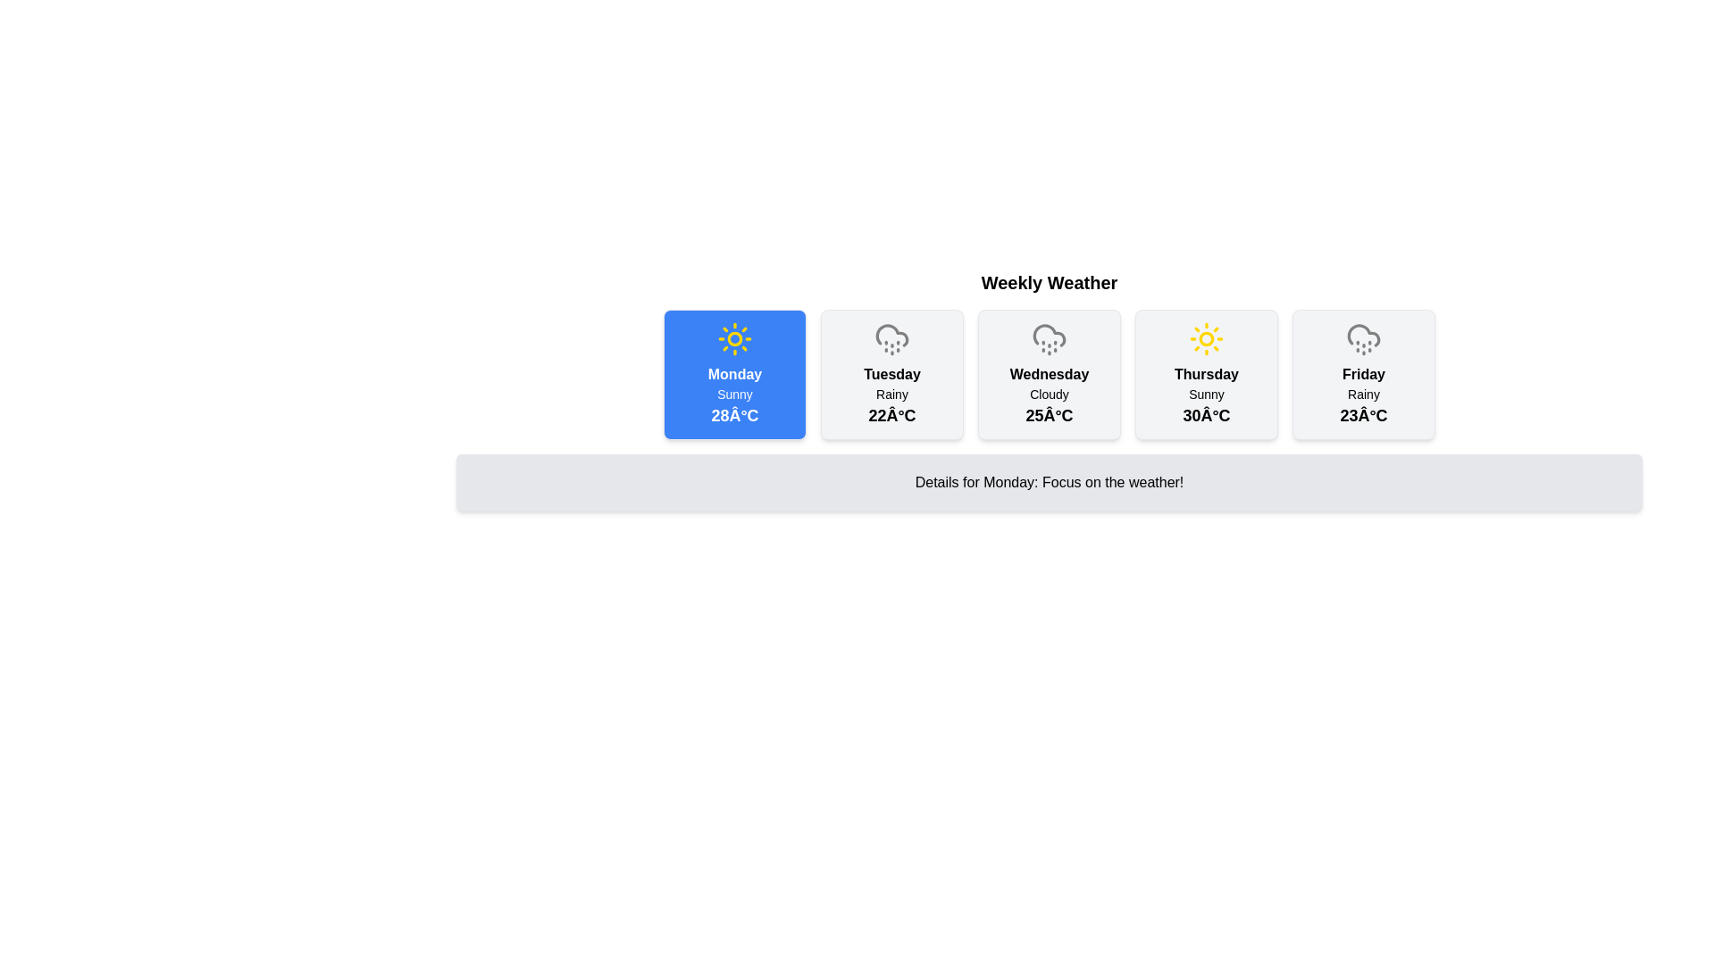 The height and width of the screenshot is (964, 1715). I want to click on the static text element displaying 'Wednesday' in bold font, which is located at the top of the third weather card from the left, above the texts 'Cloudy' and '25°C', so click(1050, 374).